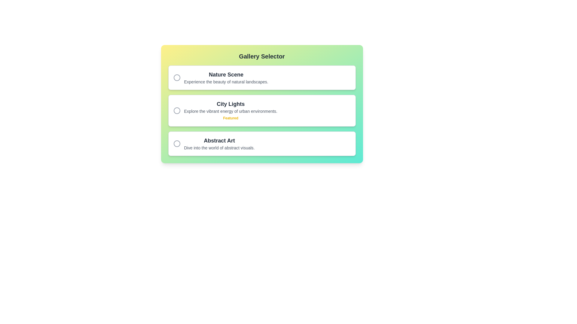 This screenshot has width=577, height=324. What do you see at coordinates (176, 143) in the screenshot?
I see `the radio button for the 'Abstract Art' option` at bounding box center [176, 143].